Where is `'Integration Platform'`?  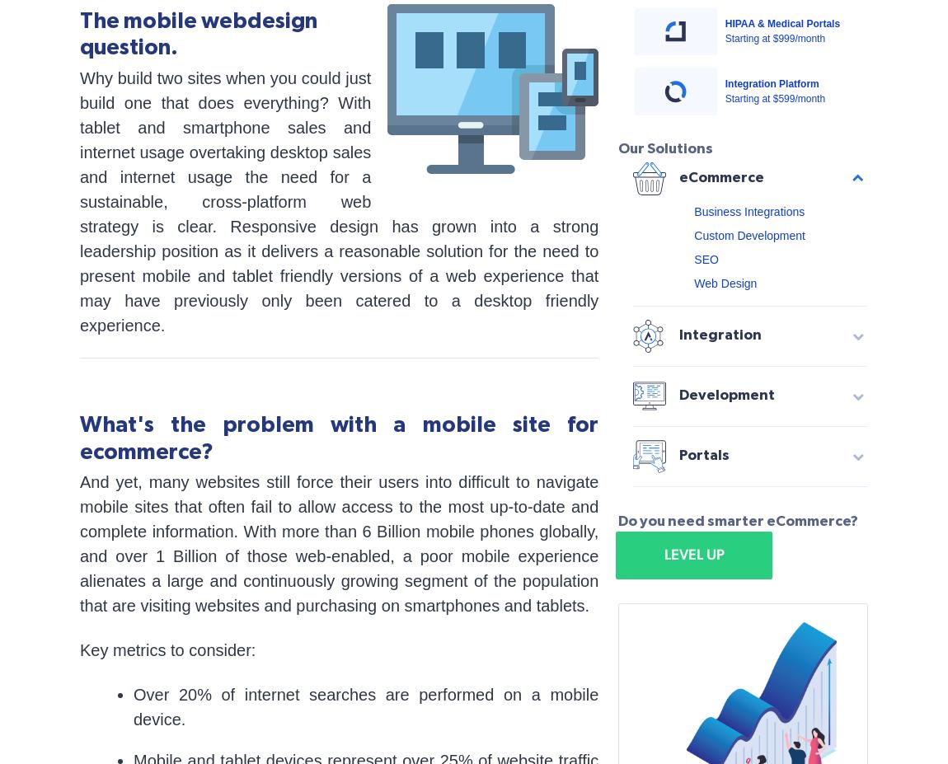
'Integration Platform' is located at coordinates (771, 82).